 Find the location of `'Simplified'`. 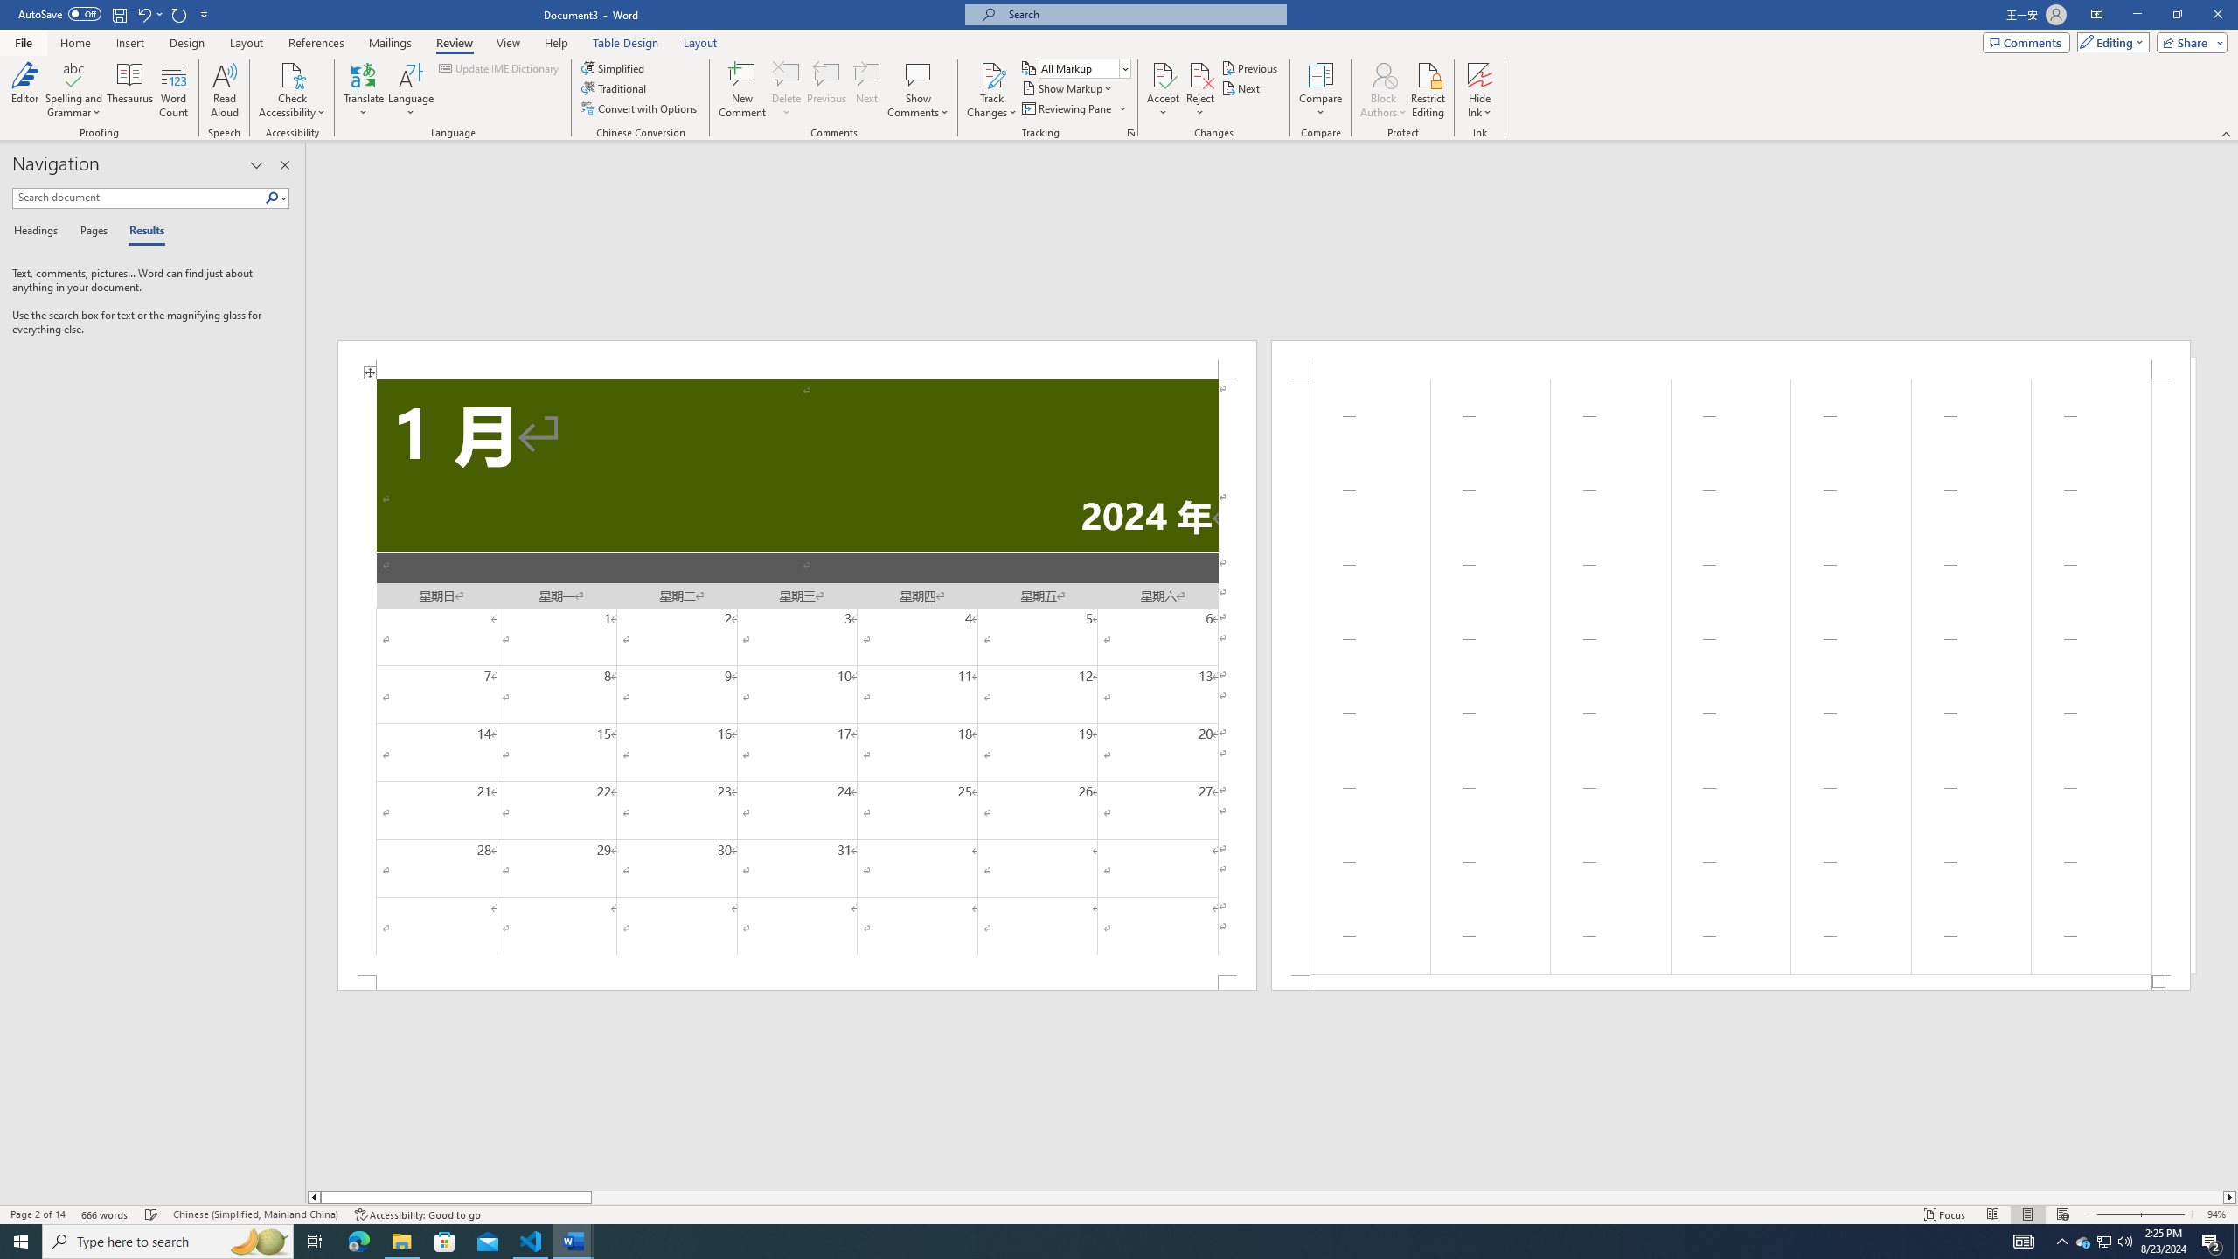

'Simplified' is located at coordinates (615, 67).